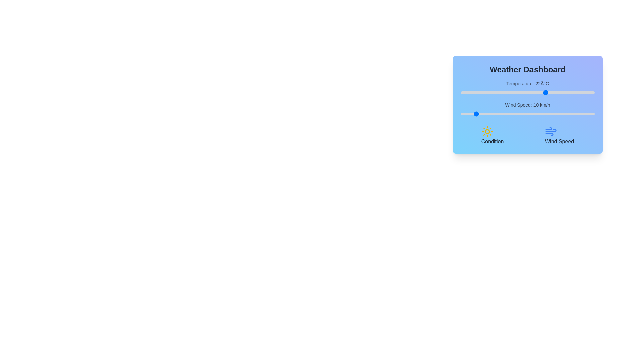 Image resolution: width=641 pixels, height=361 pixels. Describe the element at coordinates (589, 113) in the screenshot. I see `the wind speed slider to set the wind speed to 96 km/h` at that location.